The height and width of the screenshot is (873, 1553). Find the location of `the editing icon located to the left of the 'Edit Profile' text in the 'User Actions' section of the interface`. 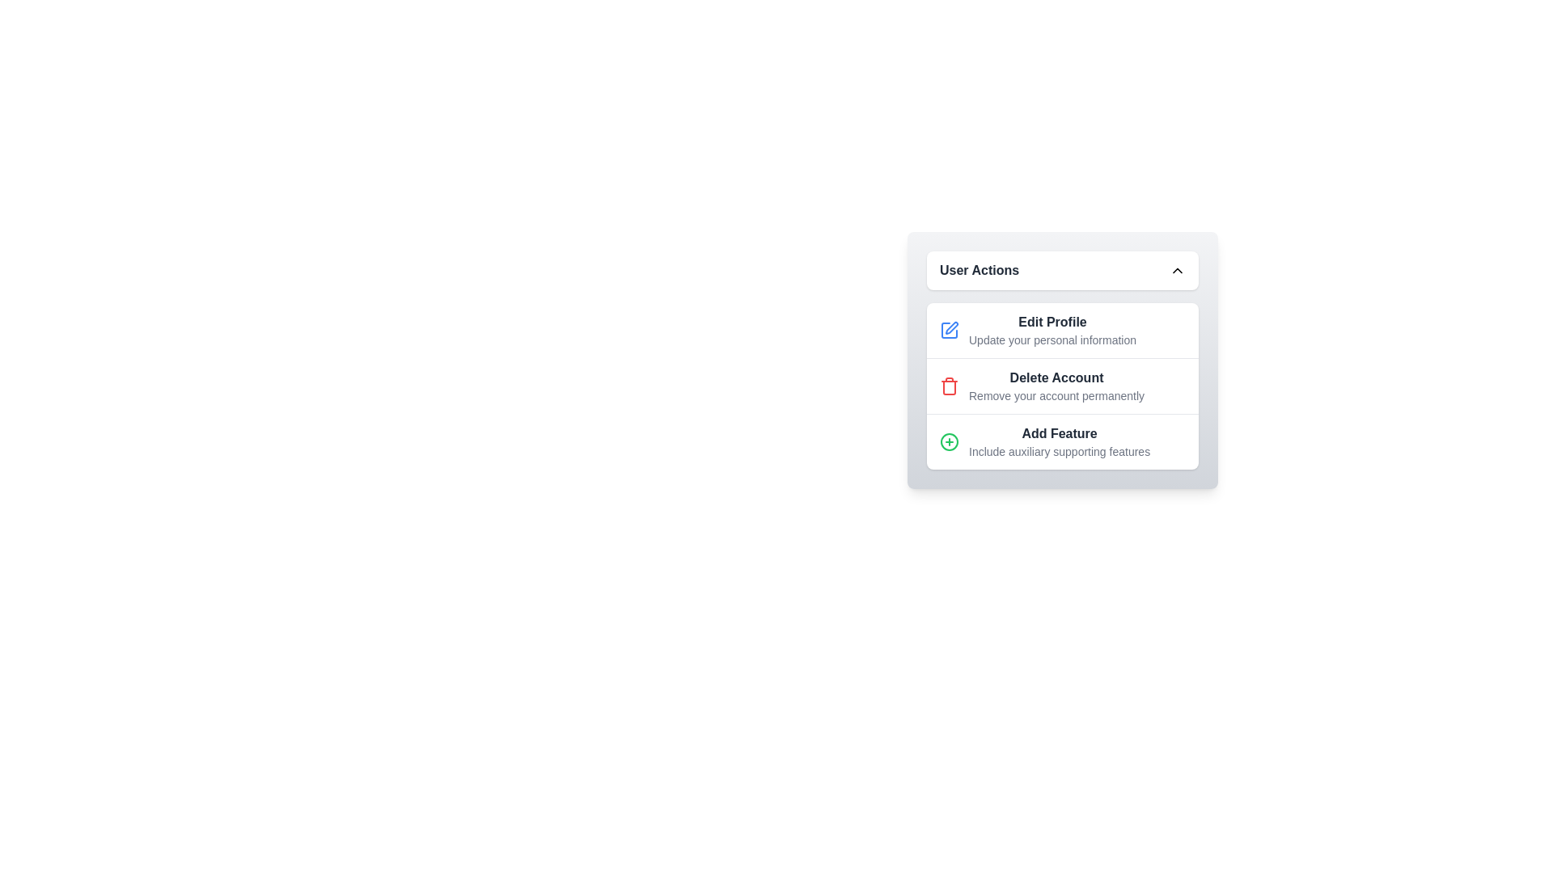

the editing icon located to the left of the 'Edit Profile' text in the 'User Actions' section of the interface is located at coordinates (950, 329).